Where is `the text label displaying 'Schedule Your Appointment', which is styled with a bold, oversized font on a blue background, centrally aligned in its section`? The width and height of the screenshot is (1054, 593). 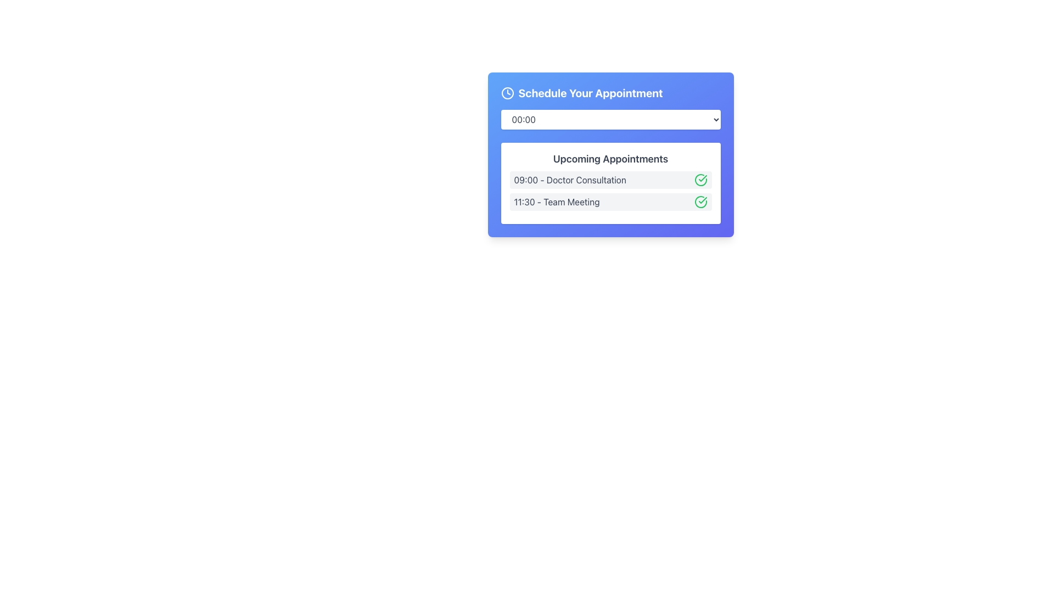
the text label displaying 'Schedule Your Appointment', which is styled with a bold, oversized font on a blue background, centrally aligned in its section is located at coordinates (590, 92).